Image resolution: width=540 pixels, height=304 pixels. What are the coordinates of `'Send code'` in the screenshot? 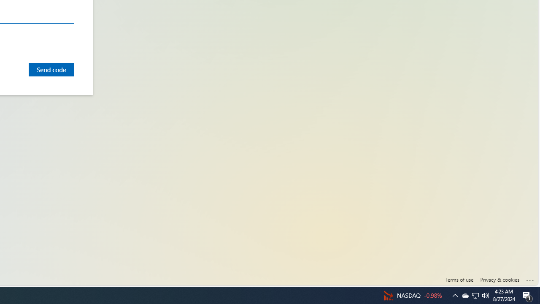 It's located at (51, 69).